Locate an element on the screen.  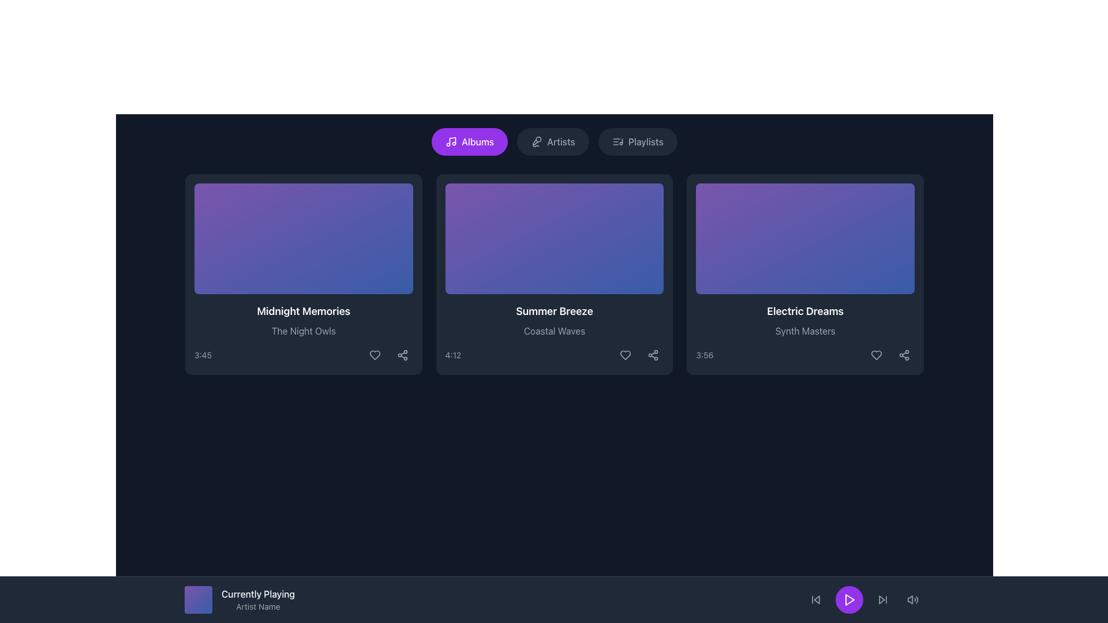
the heart-shaped icon outlined in light gray, located at the bottom-right section of the 'Midnight Memories' album card is located at coordinates (375, 355).